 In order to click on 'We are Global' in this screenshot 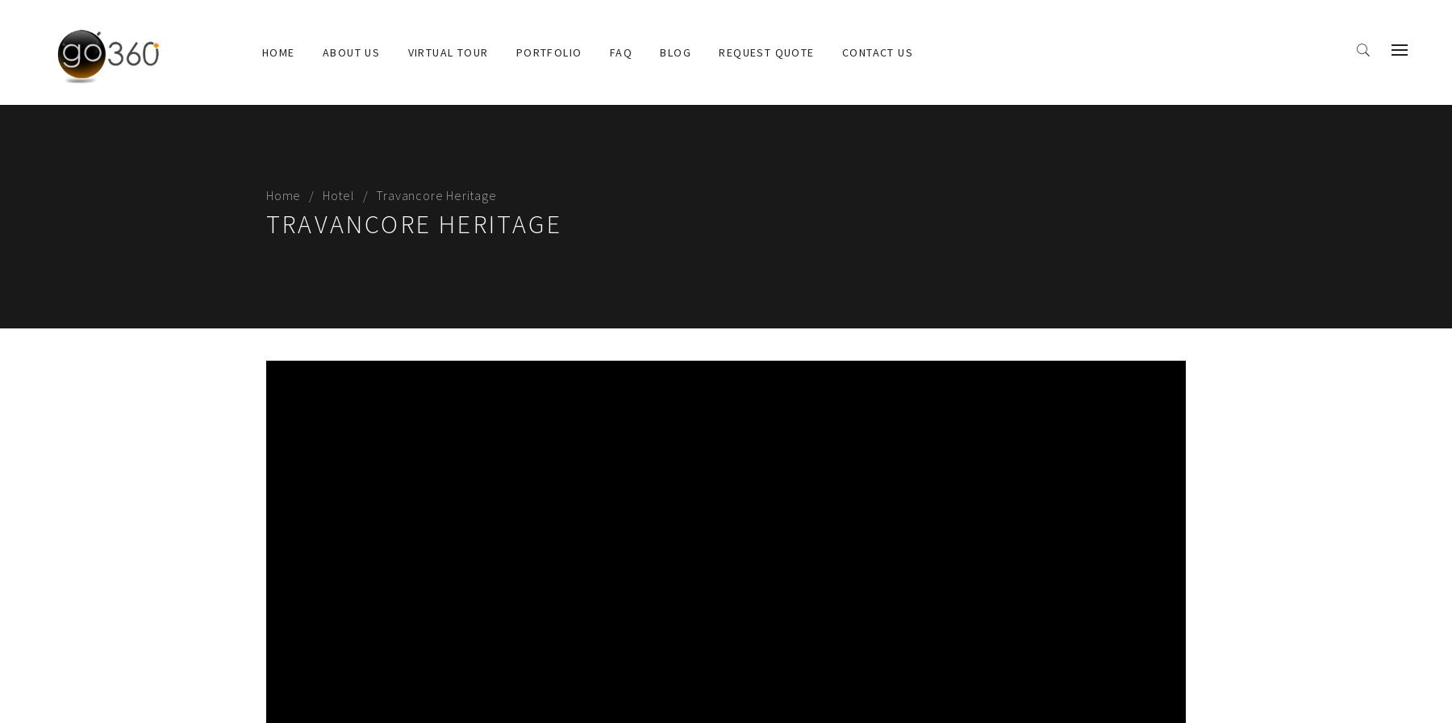, I will do `click(342, 149)`.